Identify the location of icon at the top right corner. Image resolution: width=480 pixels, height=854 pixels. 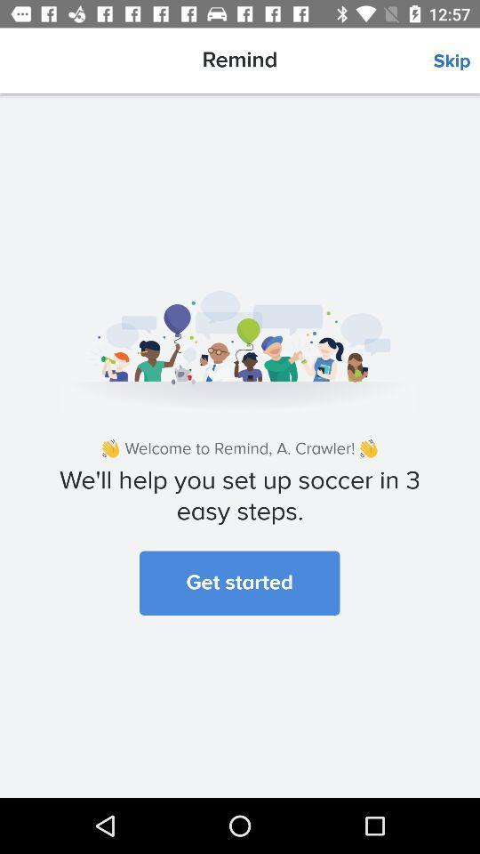
(456, 61).